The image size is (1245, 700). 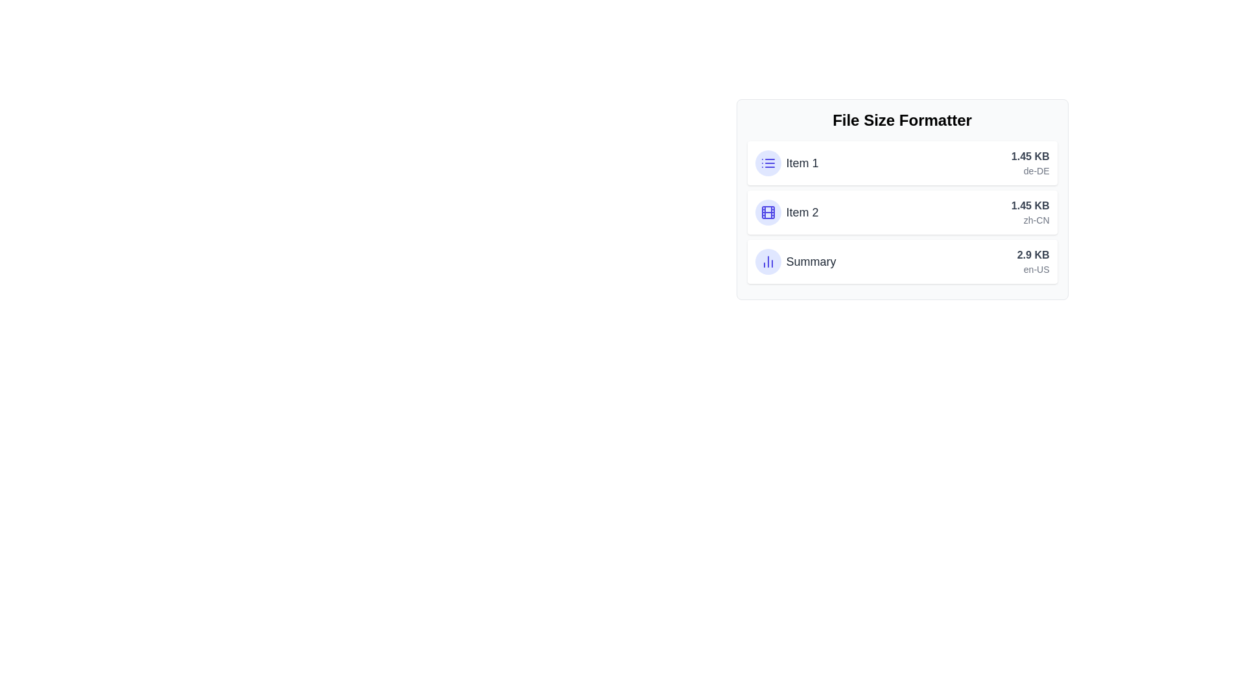 I want to click on contents of the text display showing '2.9 KB' in bold with 'en-US' underneath, located on the right side of the layout, aligned with the 'Summary' label, so click(x=1032, y=262).